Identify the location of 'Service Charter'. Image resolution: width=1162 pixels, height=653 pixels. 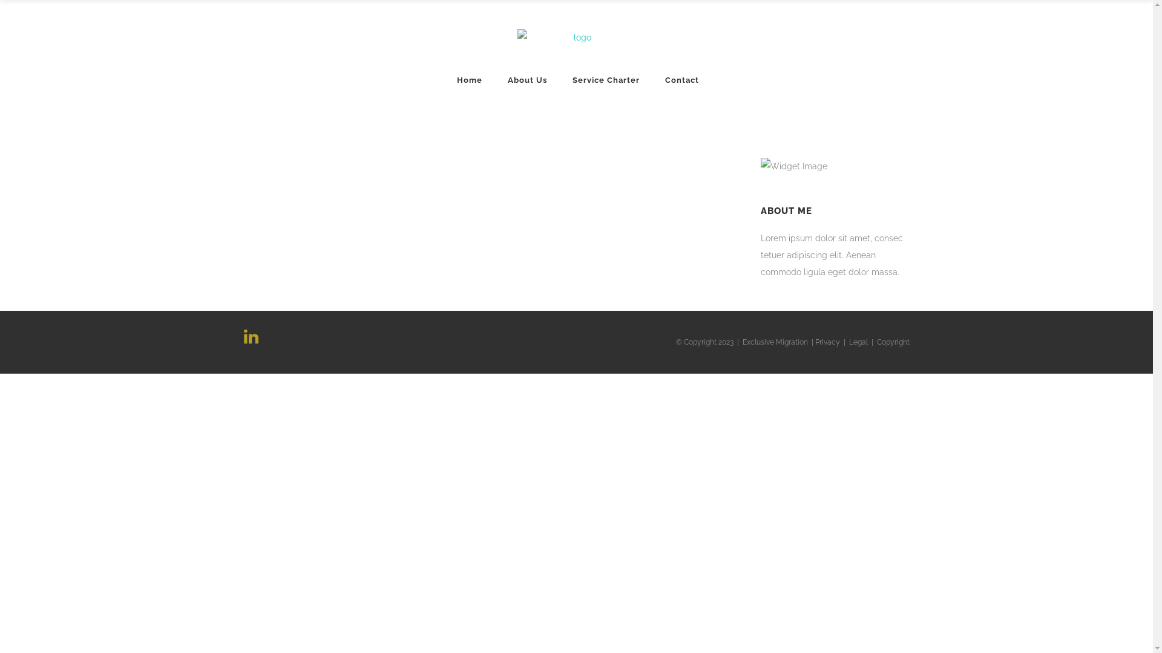
(605, 79).